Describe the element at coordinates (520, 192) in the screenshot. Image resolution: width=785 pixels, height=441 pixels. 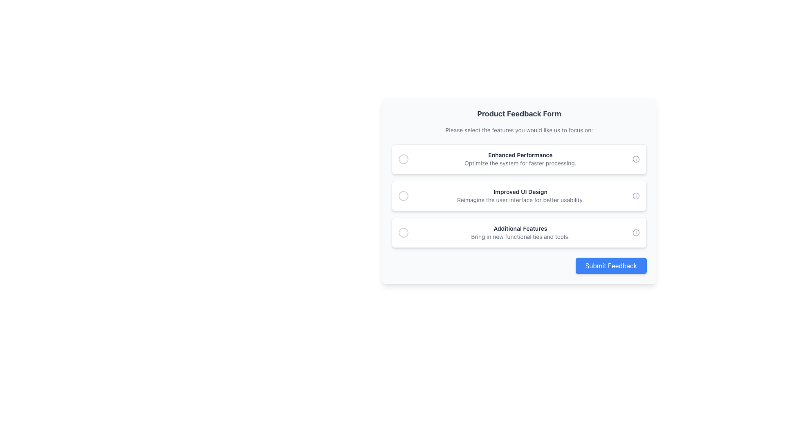
I see `text label displaying 'Improved UI Design' located in the feedback form, positioned above the description text and next to a selection indicator` at that location.